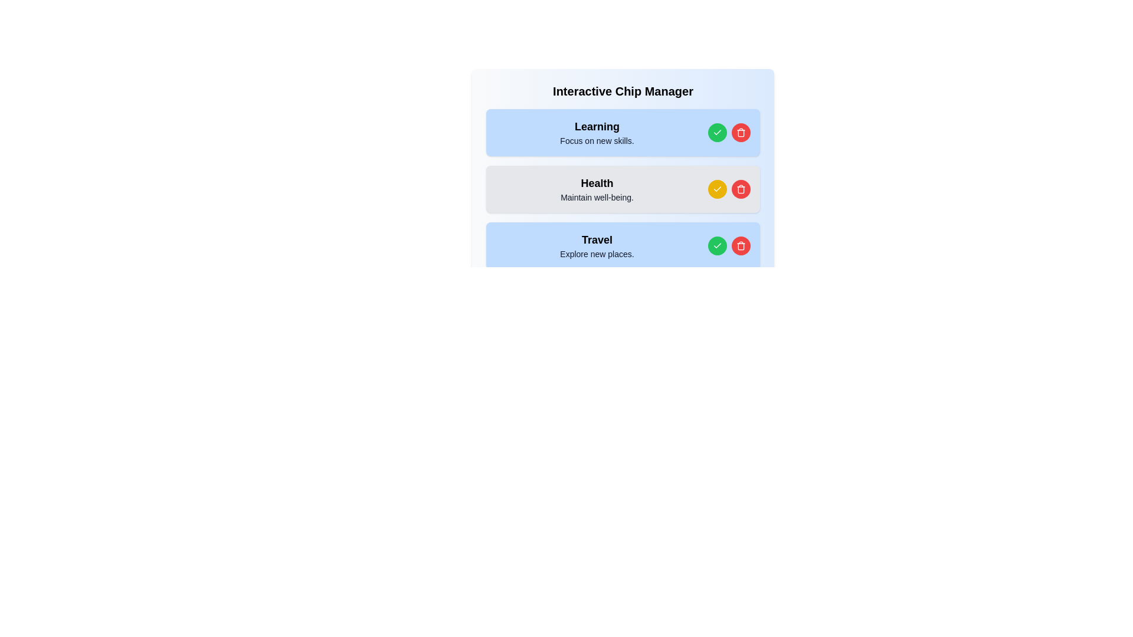 This screenshot has height=637, width=1133. I want to click on delete button for the chip labeled Travel, so click(741, 245).